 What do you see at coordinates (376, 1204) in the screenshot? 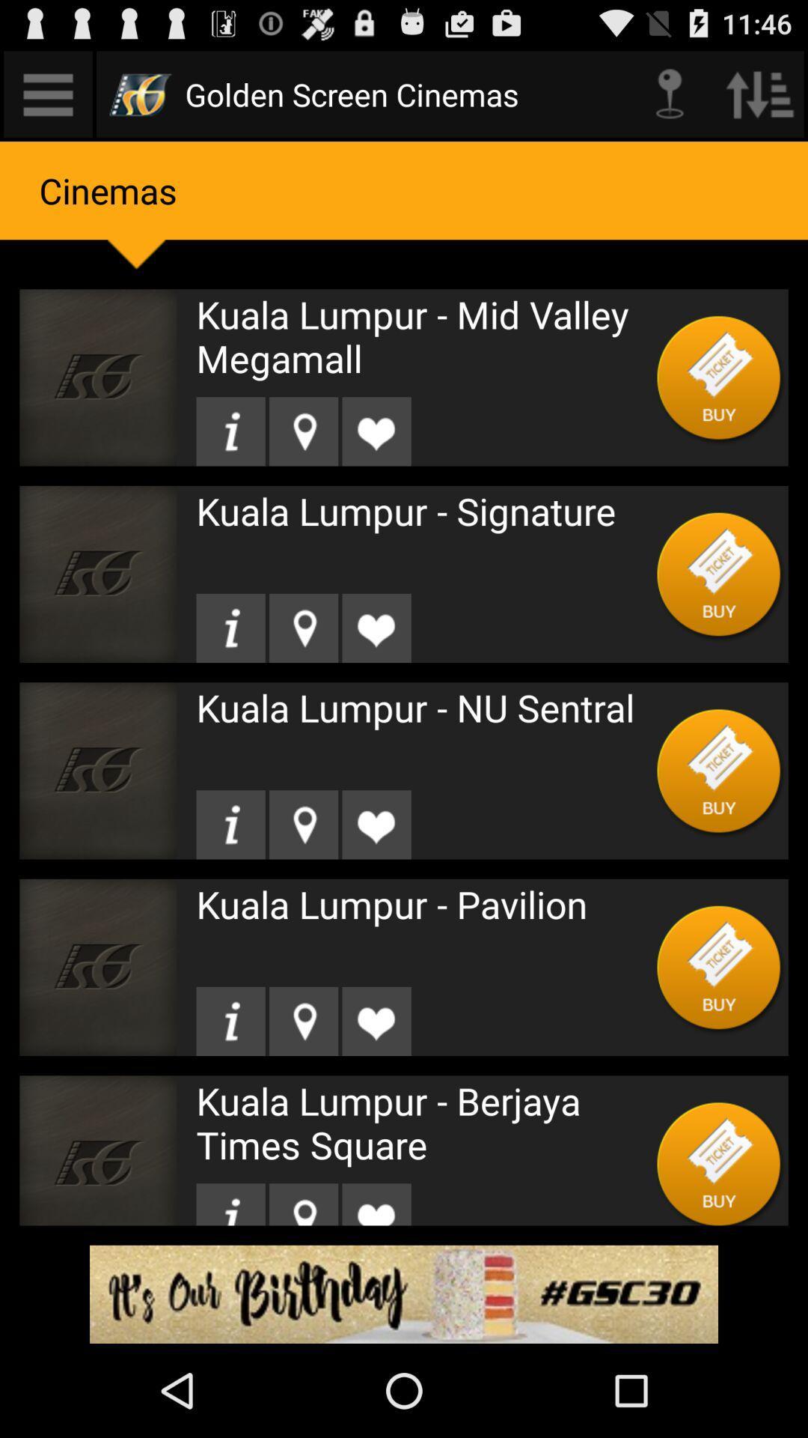
I see `to likes` at bounding box center [376, 1204].